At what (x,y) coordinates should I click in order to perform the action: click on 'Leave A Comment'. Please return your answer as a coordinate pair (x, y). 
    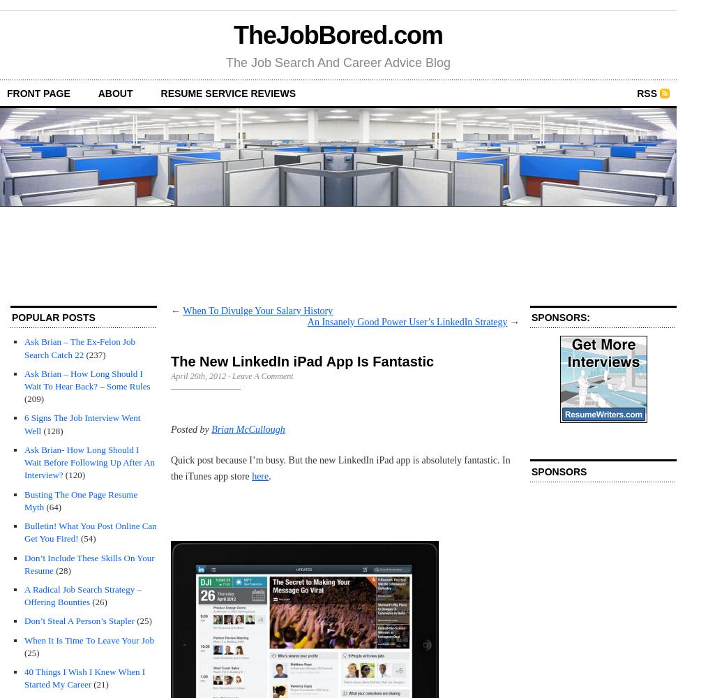
    Looking at the image, I should click on (262, 376).